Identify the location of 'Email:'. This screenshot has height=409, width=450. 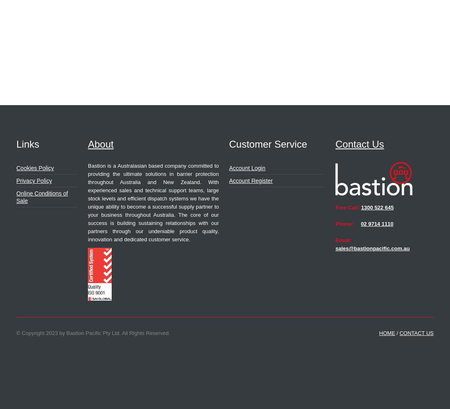
(384, 240).